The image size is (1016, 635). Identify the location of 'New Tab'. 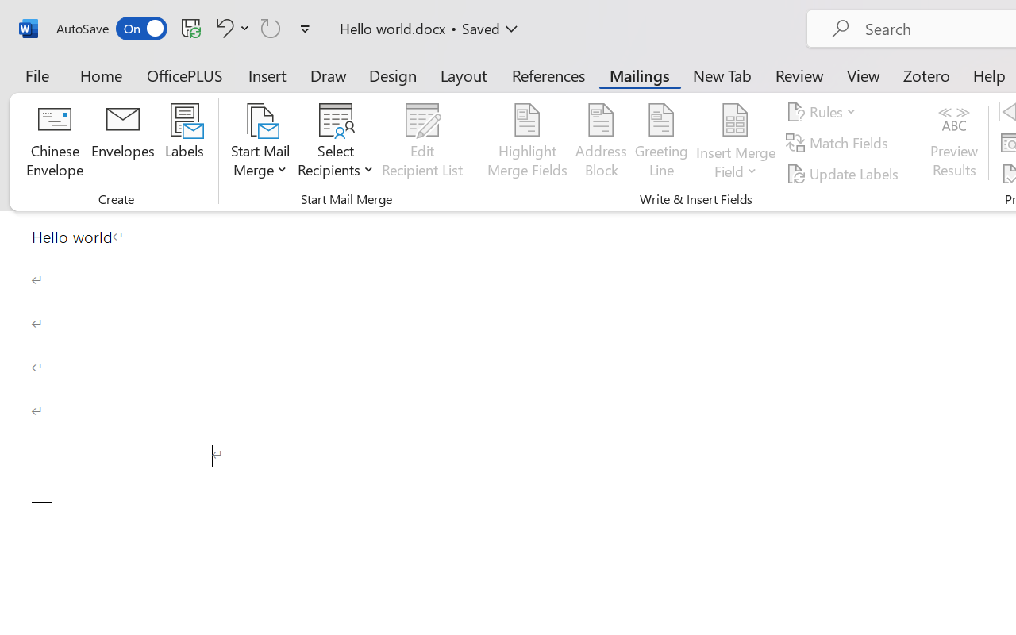
(722, 75).